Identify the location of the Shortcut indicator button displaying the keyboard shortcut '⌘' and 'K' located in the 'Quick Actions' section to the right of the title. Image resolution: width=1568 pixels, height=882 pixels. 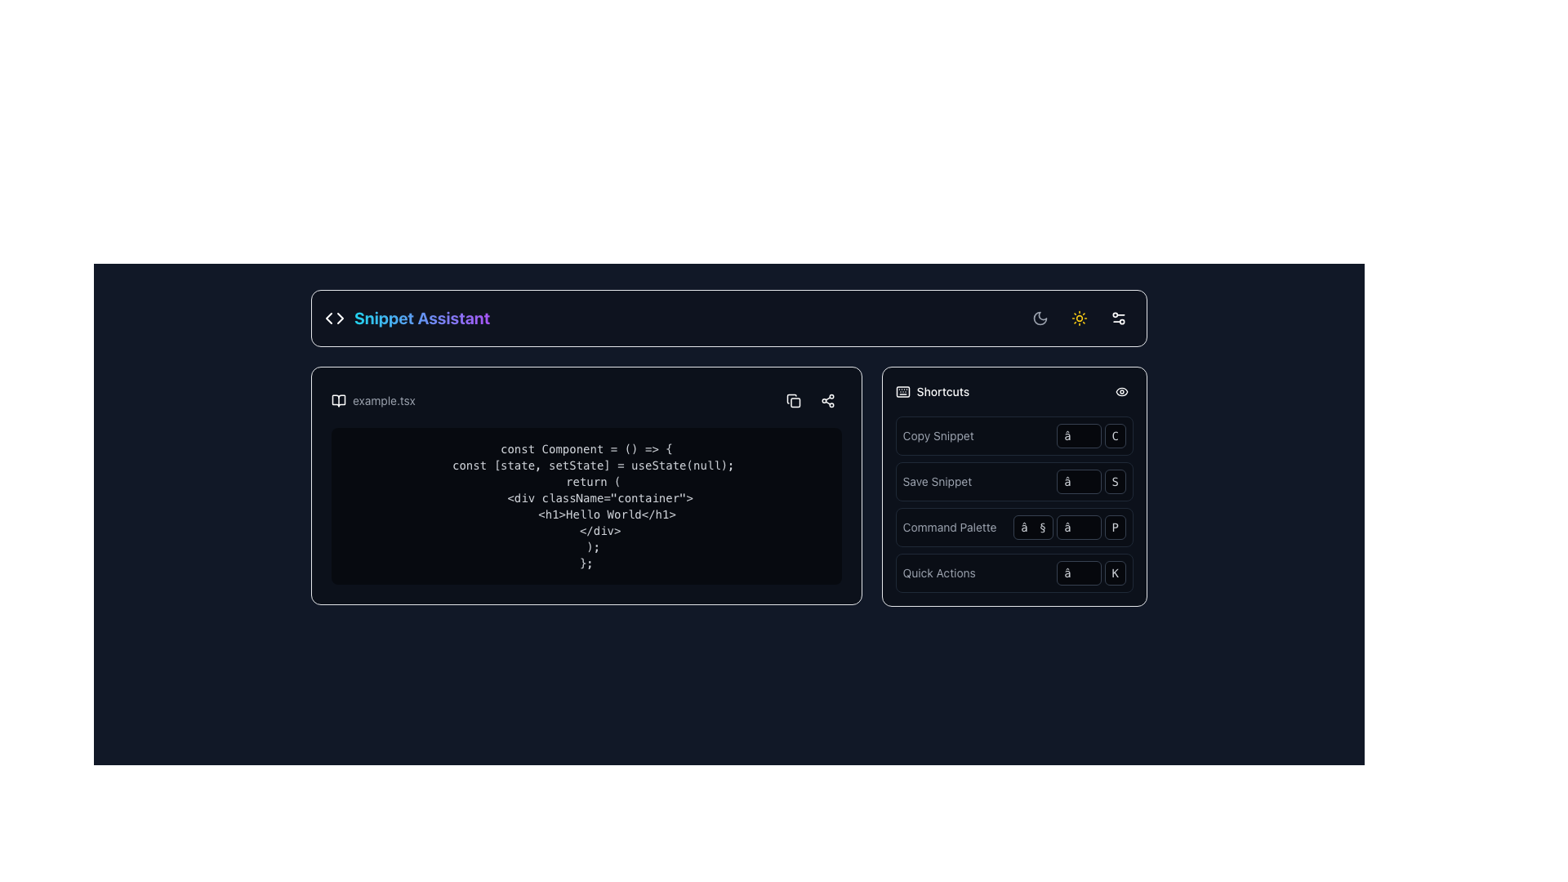
(1091, 572).